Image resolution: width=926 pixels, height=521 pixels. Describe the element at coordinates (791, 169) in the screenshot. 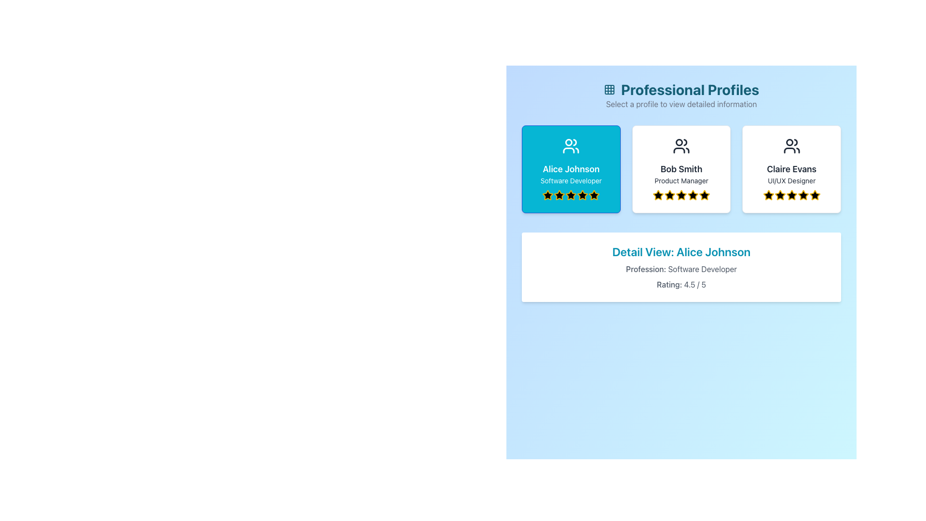

I see `the text label displaying 'Claire Evans' which is the first line of text in the rightmost card of the profile grid` at that location.